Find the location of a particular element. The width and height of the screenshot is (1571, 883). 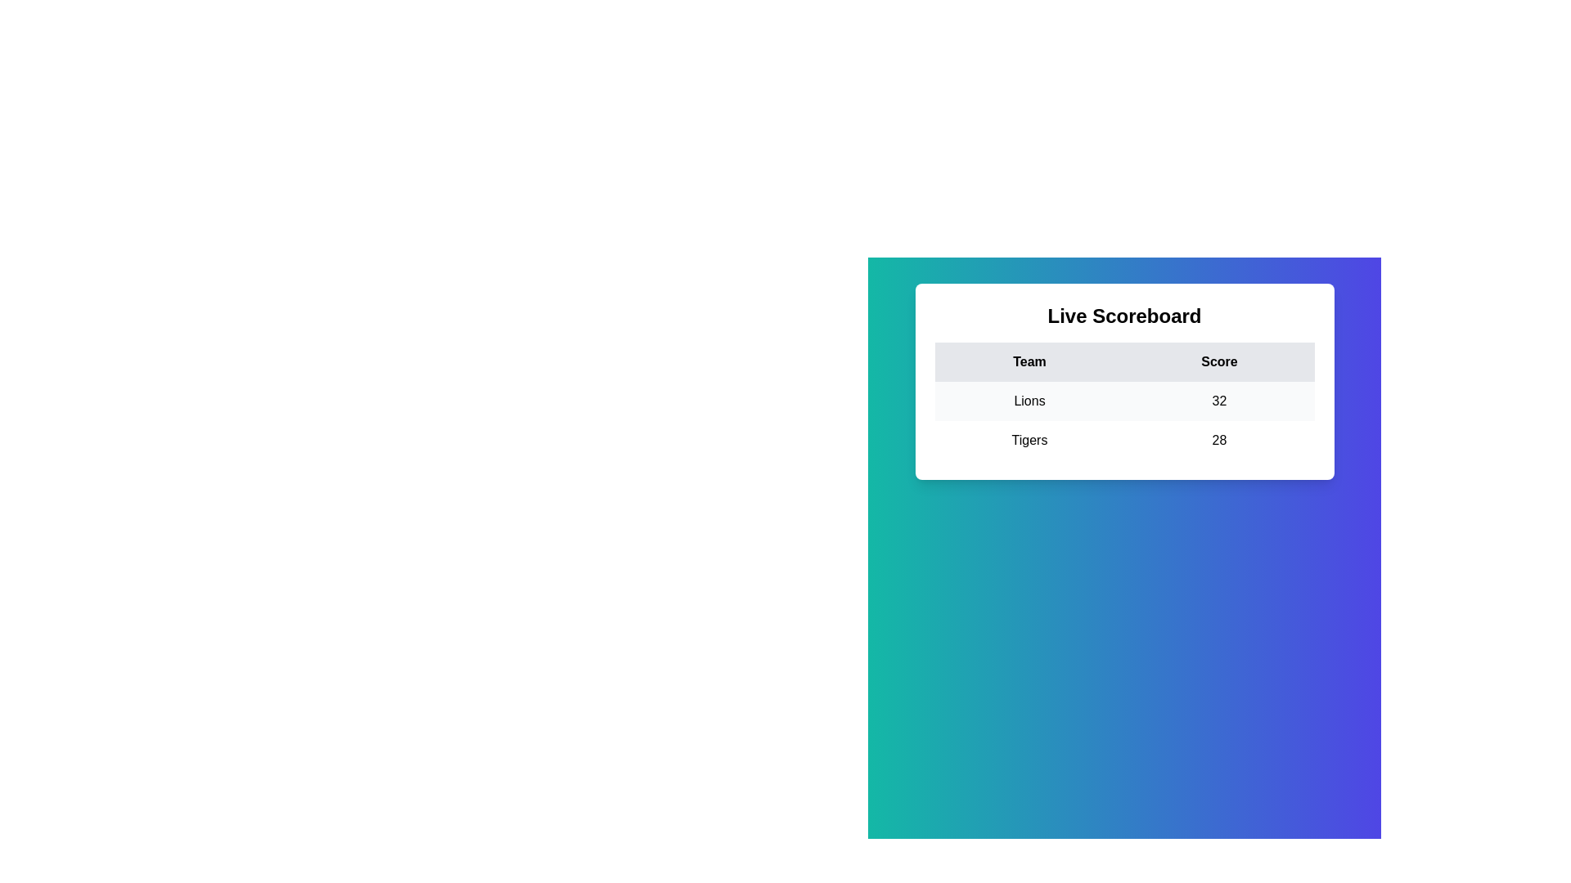

the text display element showing the number '28', which is bold and centered within its cell in the table structure is located at coordinates (1219, 440).